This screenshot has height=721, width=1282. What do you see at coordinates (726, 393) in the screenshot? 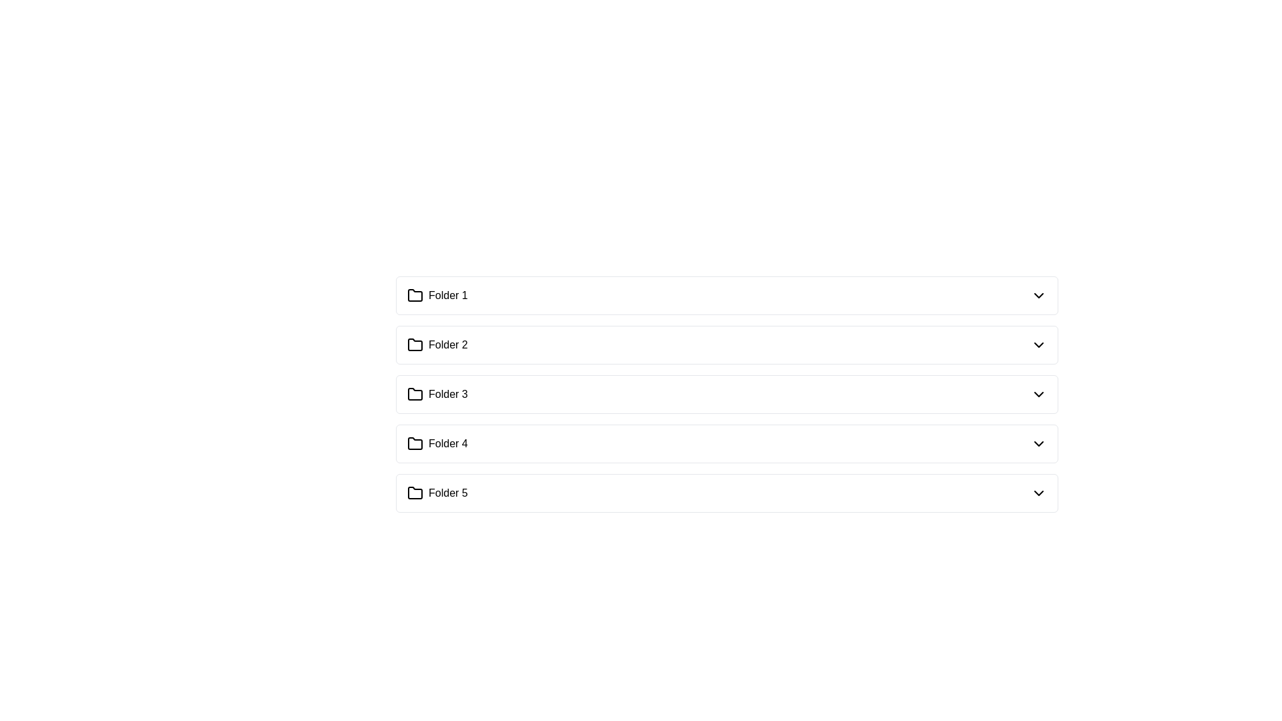
I see `the third item in the list of folders` at bounding box center [726, 393].